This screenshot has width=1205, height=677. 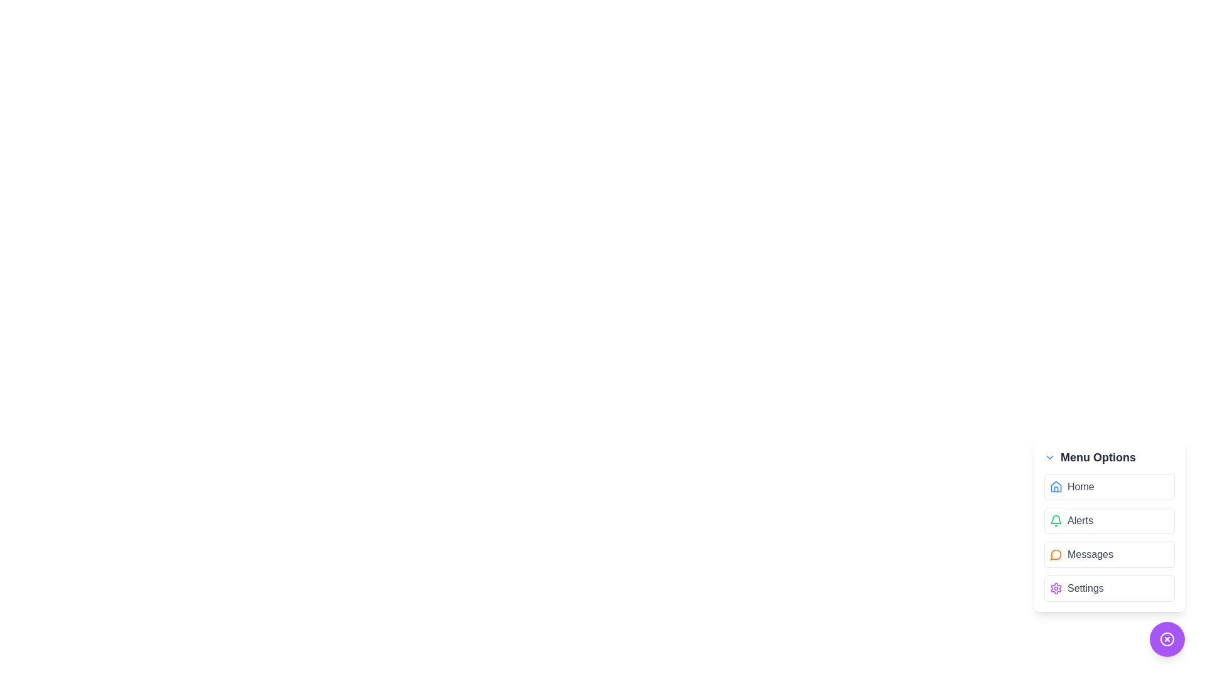 I want to click on the second menu item in the 'Menu Options' titled 'Alerts', so click(x=1109, y=520).